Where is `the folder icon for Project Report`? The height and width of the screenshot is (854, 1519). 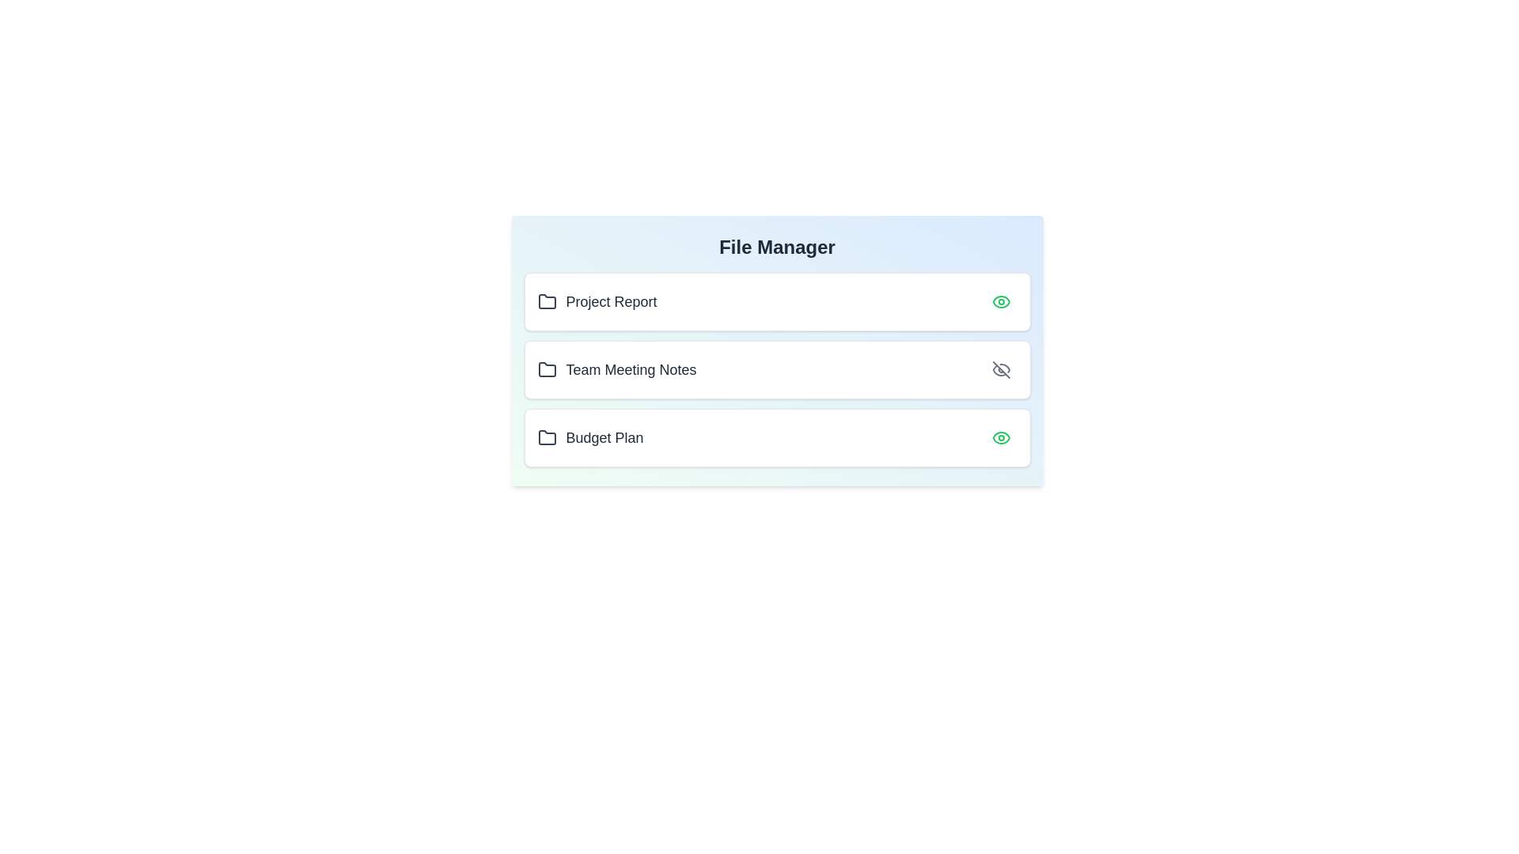 the folder icon for Project Report is located at coordinates (547, 301).